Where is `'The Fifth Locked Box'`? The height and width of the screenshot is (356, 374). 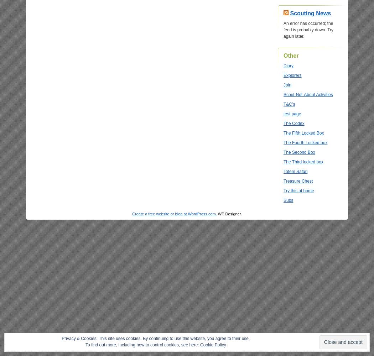
'The Fifth Locked Box' is located at coordinates (303, 133).